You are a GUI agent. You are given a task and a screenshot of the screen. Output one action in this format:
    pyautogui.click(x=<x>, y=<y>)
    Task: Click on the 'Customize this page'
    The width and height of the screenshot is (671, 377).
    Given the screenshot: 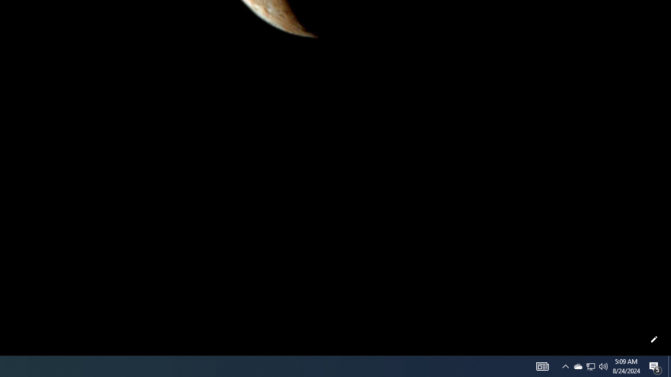 What is the action you would take?
    pyautogui.click(x=654, y=339)
    